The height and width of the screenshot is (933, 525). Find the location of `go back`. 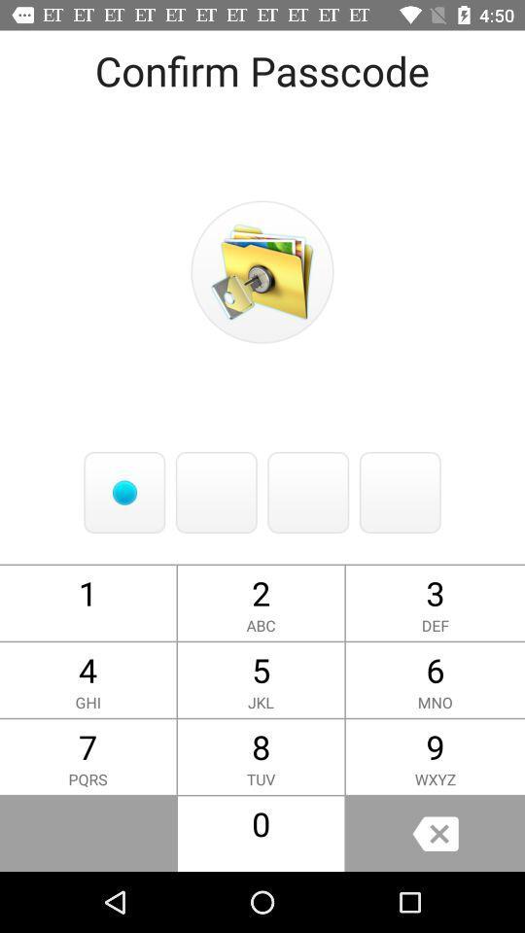

go back is located at coordinates (435, 833).